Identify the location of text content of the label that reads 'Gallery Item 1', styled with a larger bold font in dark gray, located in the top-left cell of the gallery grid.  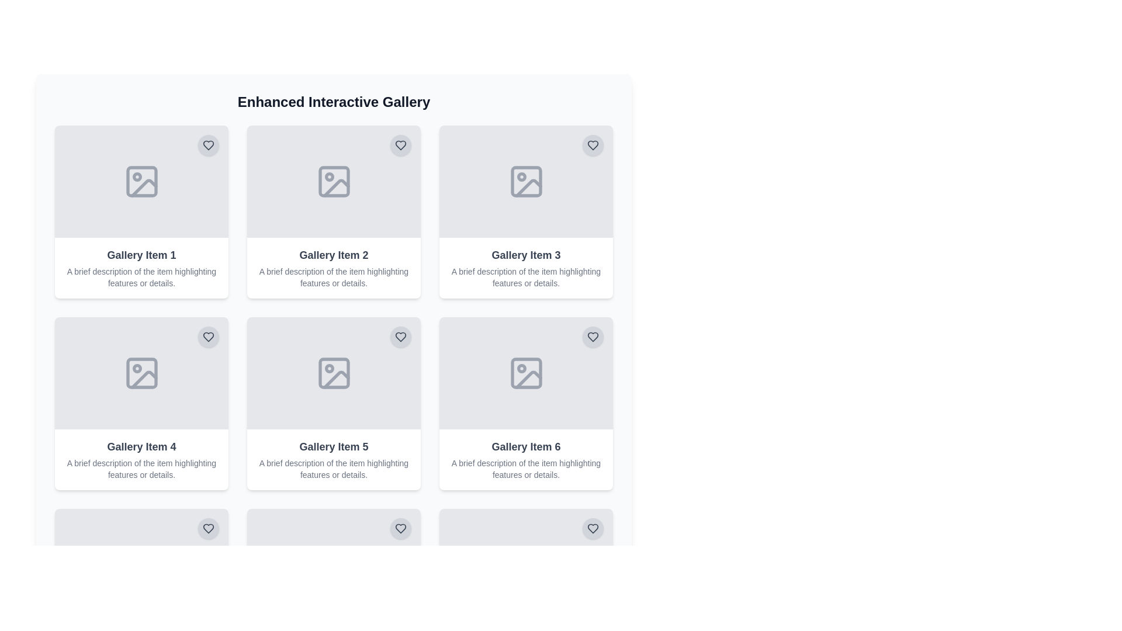
(141, 254).